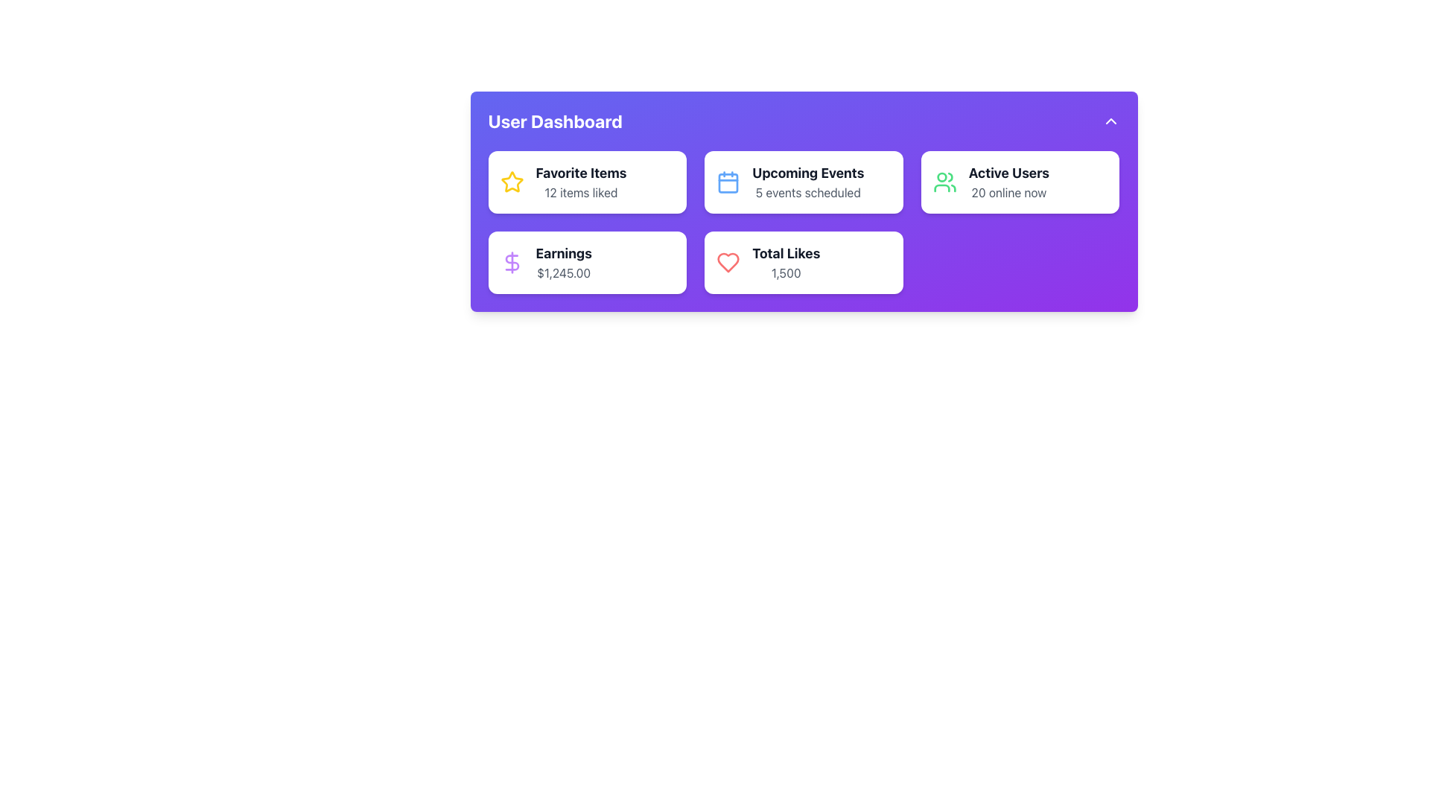 Image resolution: width=1430 pixels, height=804 pixels. What do you see at coordinates (807, 191) in the screenshot?
I see `the label that provides additional information about the number of scheduled events for the 'Upcoming Events' section, located below the heading 'Upcoming Events' in the second card from the left in the top row of the user dashboard` at bounding box center [807, 191].